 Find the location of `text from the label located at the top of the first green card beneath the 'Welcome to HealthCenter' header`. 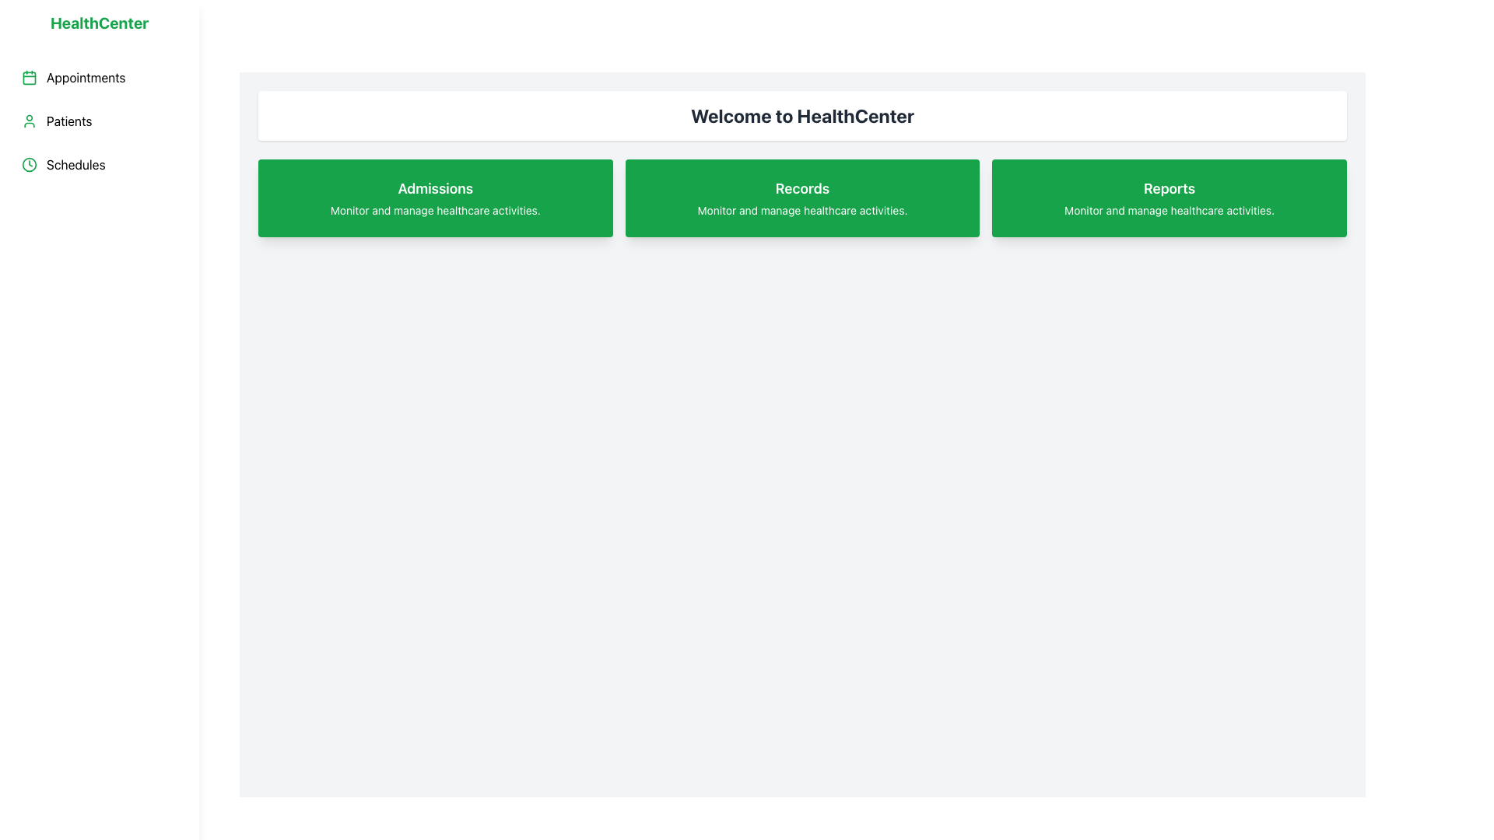

text from the label located at the top of the first green card beneath the 'Welcome to HealthCenter' header is located at coordinates (435, 188).